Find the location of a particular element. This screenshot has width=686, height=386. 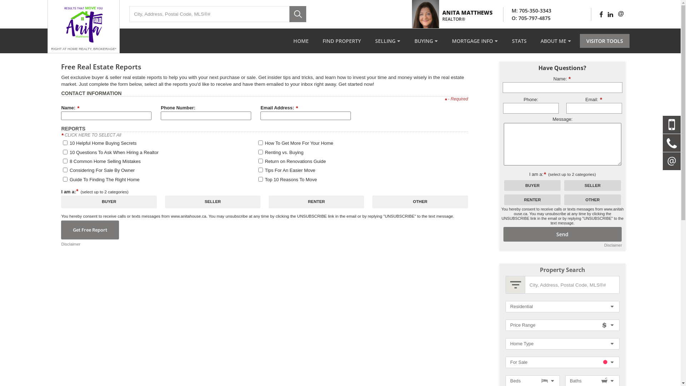

'Send' is located at coordinates (562, 234).